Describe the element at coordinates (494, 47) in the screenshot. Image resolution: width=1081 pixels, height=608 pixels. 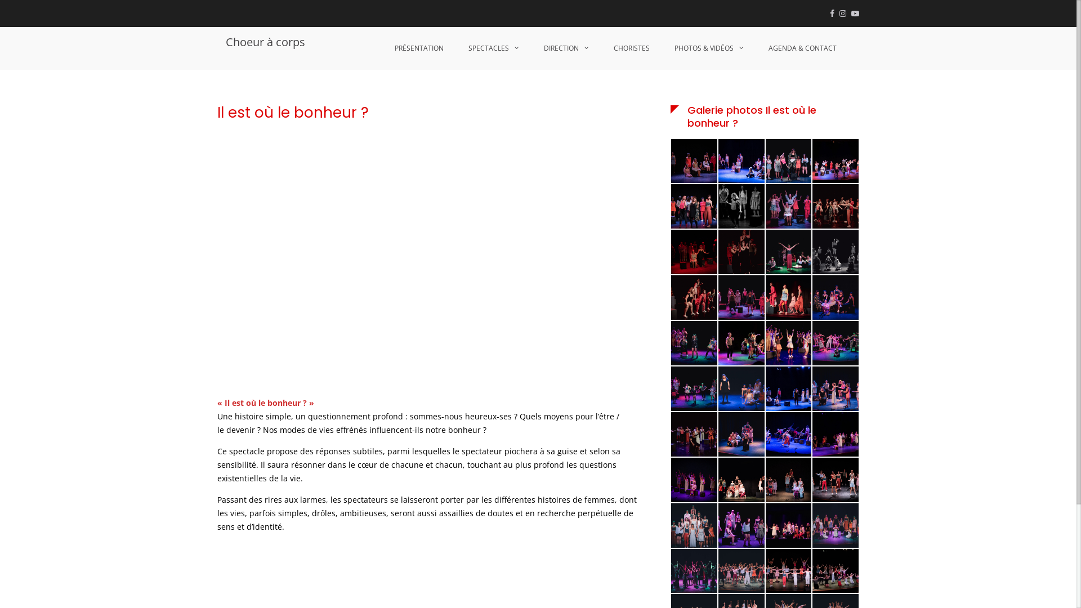
I see `'SPECTACLES'` at that location.